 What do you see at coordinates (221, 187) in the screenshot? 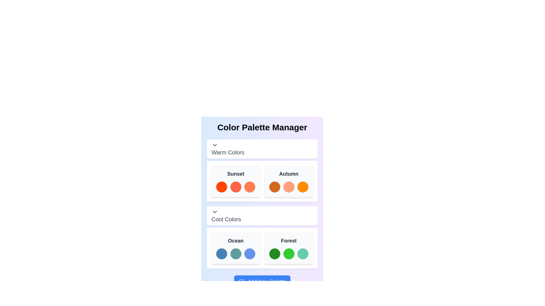
I see `the vibrant orange circle representing the first color option in the 'Sunset' color palette` at bounding box center [221, 187].